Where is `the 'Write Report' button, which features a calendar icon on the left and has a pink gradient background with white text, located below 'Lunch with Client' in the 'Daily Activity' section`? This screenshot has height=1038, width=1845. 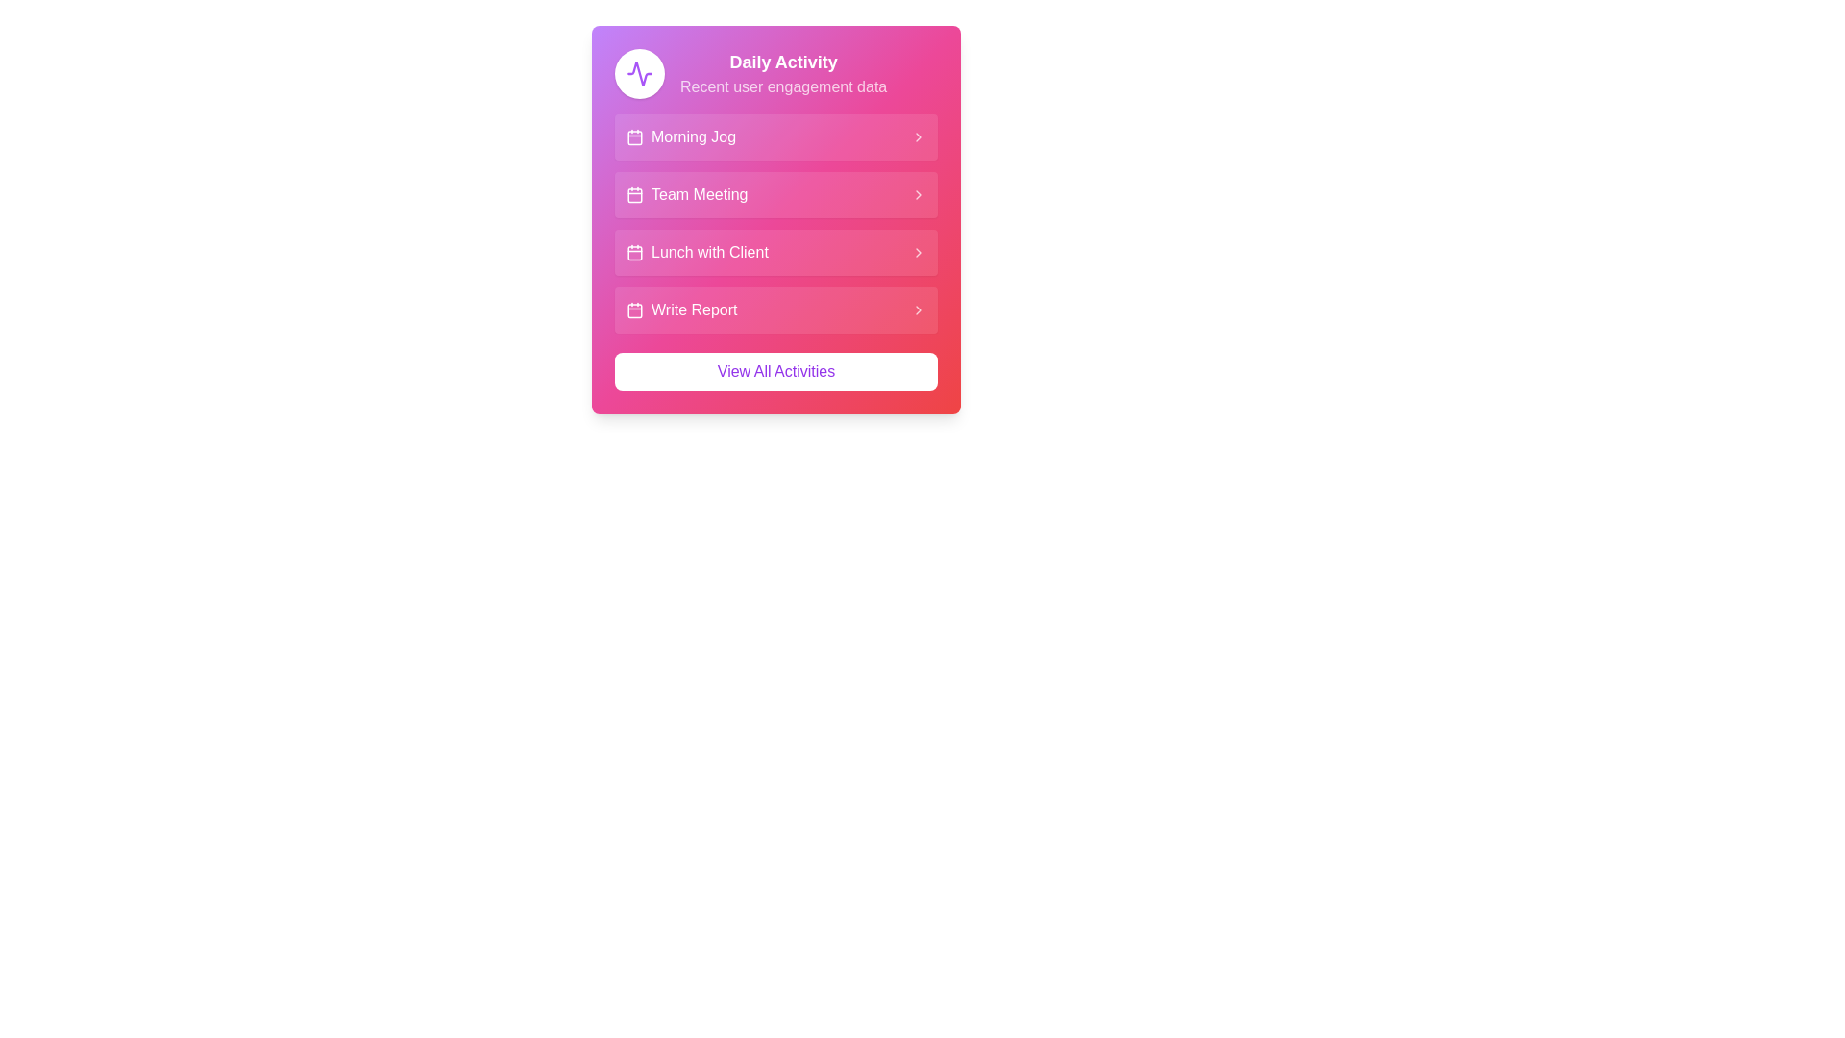
the 'Write Report' button, which features a calendar icon on the left and has a pink gradient background with white text, located below 'Lunch with Client' in the 'Daily Activity' section is located at coordinates (681, 309).